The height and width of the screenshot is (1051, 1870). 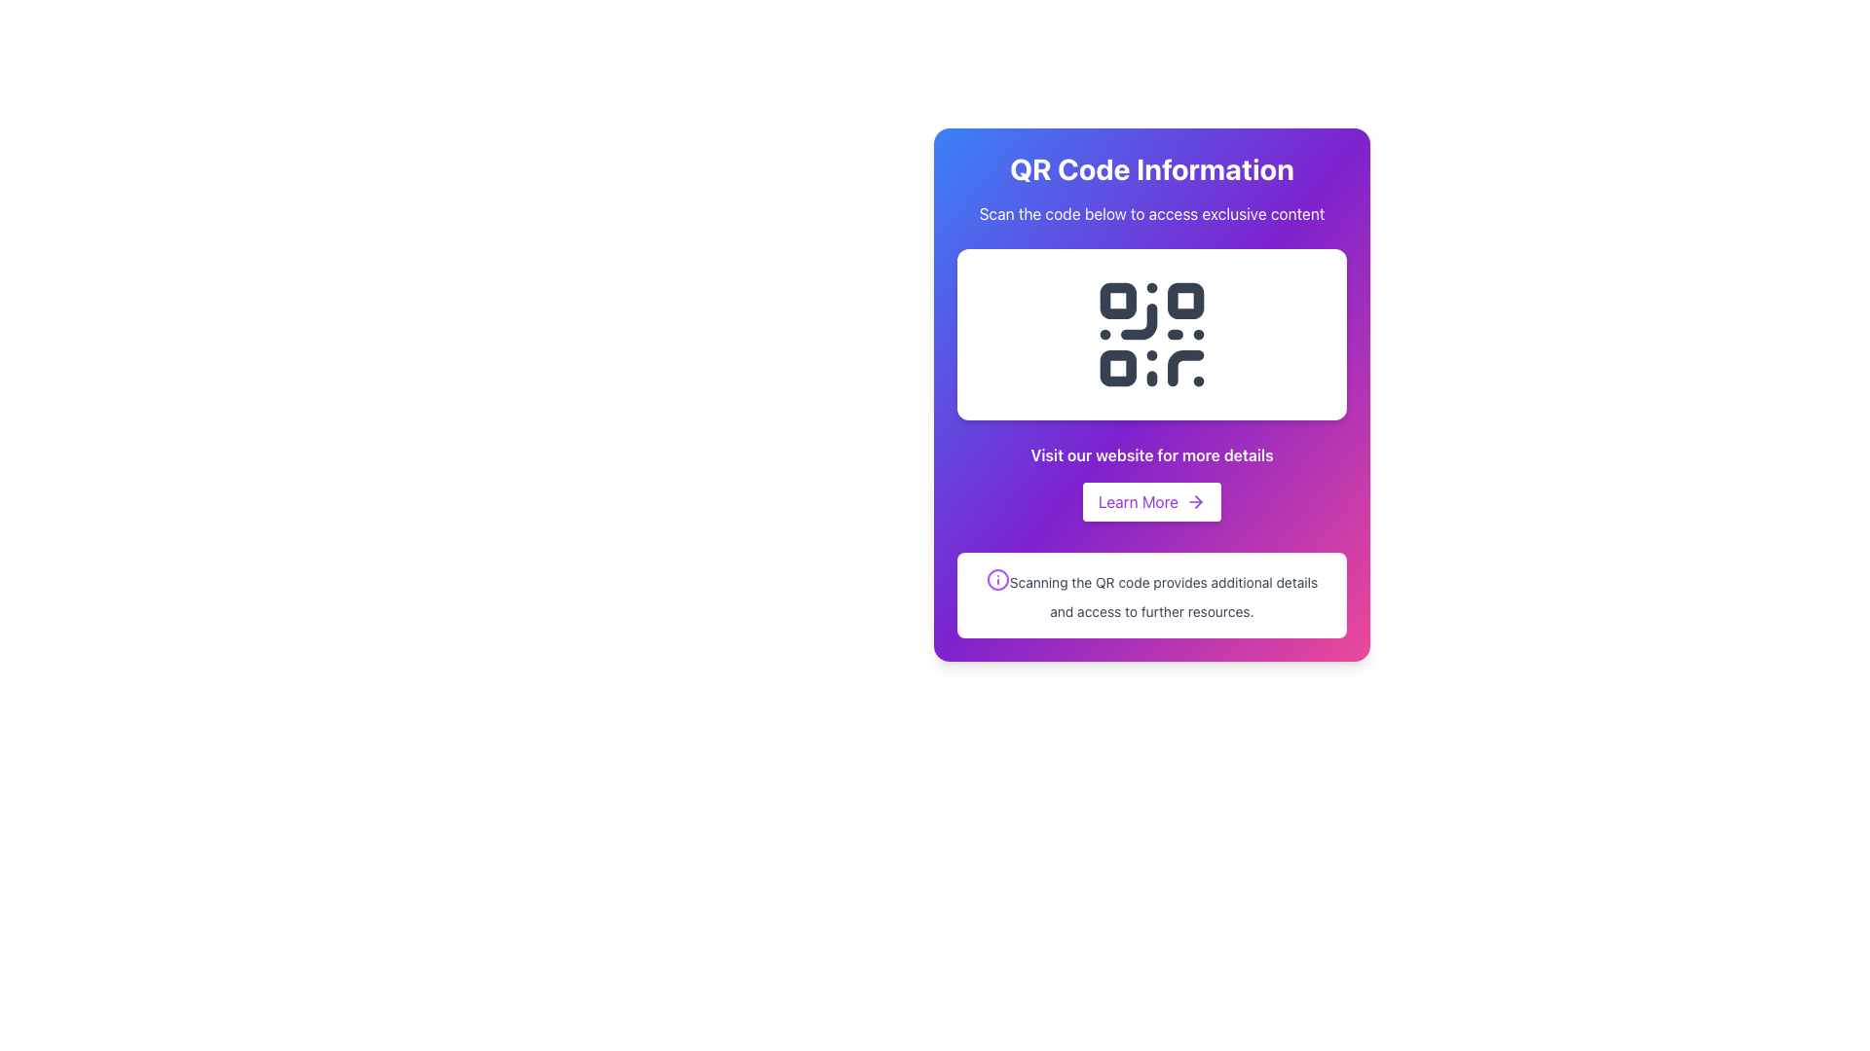 What do you see at coordinates (1151, 595) in the screenshot?
I see `description from the Notification box located directly below the 'Learn More' button, which provides additional textual information about the QR code` at bounding box center [1151, 595].